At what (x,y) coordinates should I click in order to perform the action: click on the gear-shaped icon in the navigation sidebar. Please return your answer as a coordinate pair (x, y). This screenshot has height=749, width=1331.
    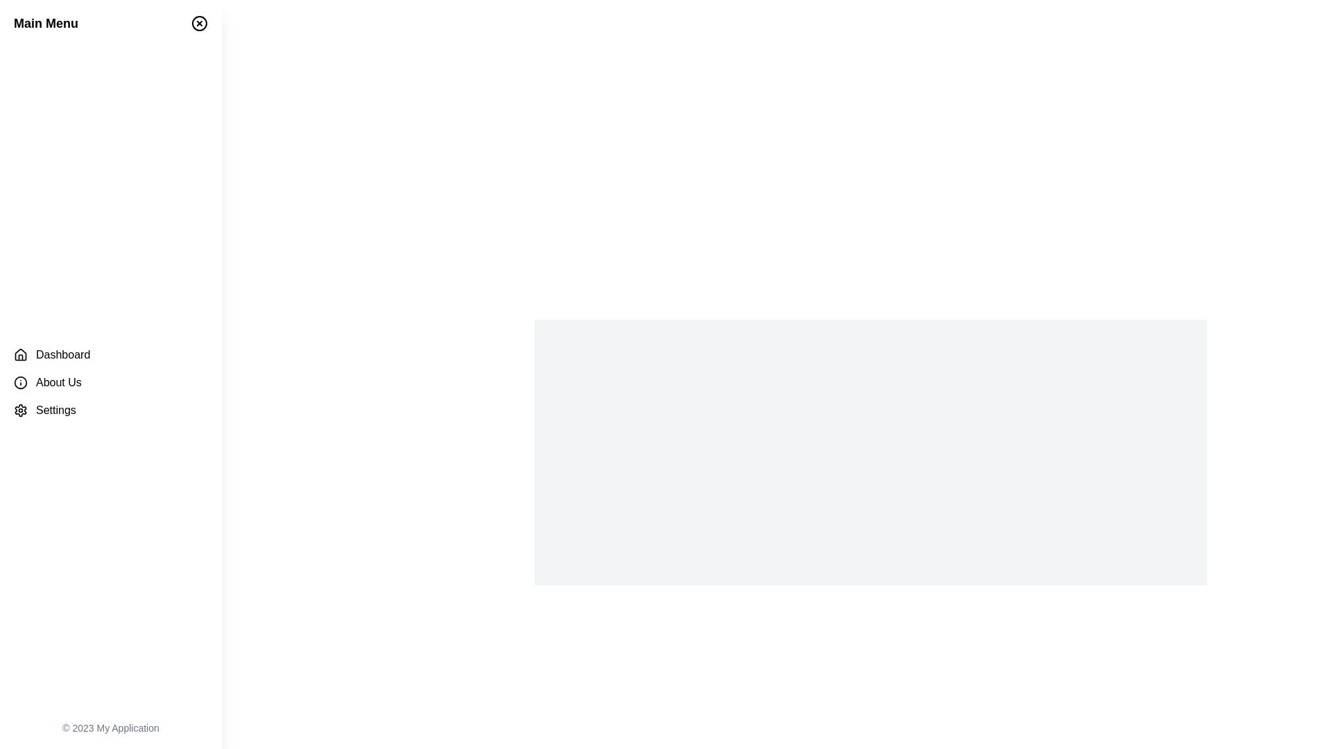
    Looking at the image, I should click on (20, 409).